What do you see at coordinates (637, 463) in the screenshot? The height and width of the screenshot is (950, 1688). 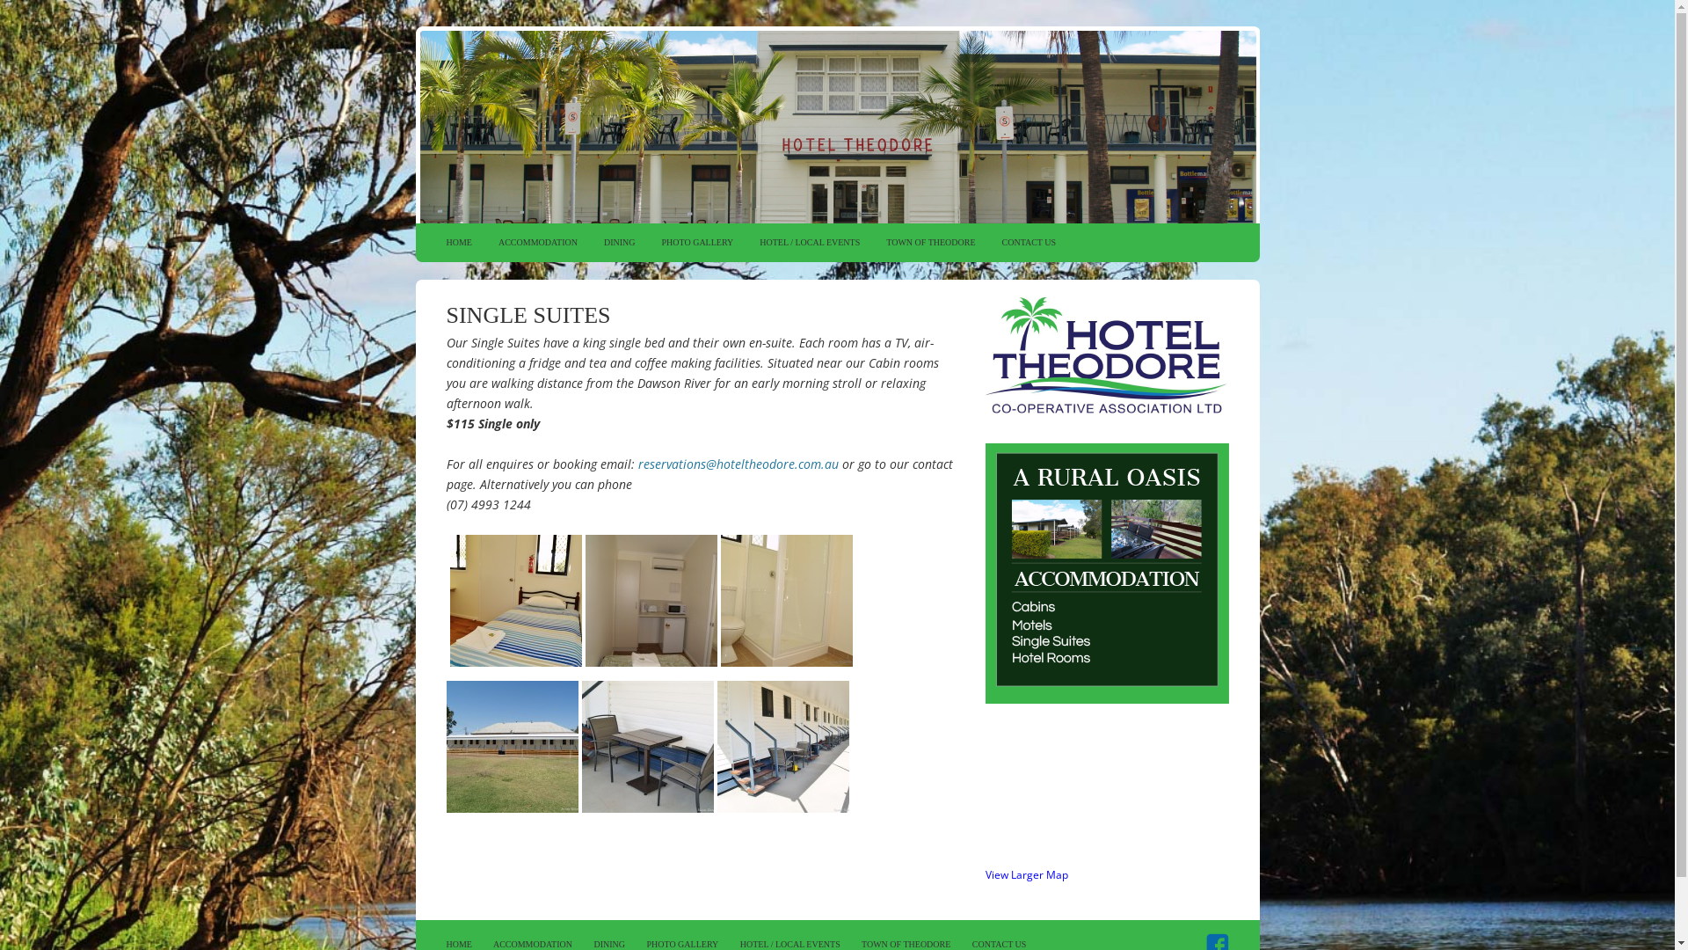 I see `'reservations@hoteltheodore.com.au'` at bounding box center [637, 463].